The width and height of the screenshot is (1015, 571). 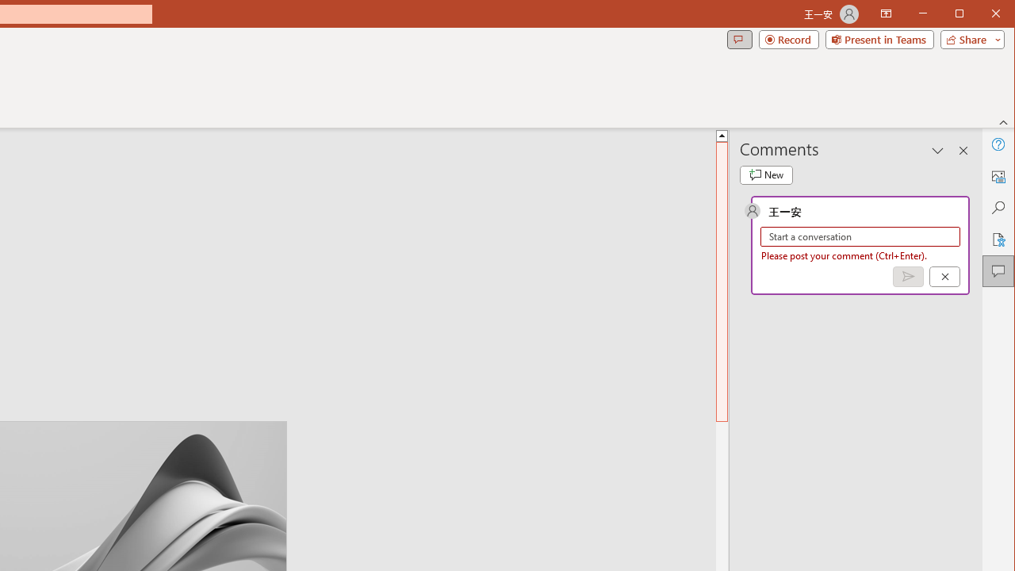 What do you see at coordinates (908, 276) in the screenshot?
I see `'Post comment (Ctrl + Enter)'` at bounding box center [908, 276].